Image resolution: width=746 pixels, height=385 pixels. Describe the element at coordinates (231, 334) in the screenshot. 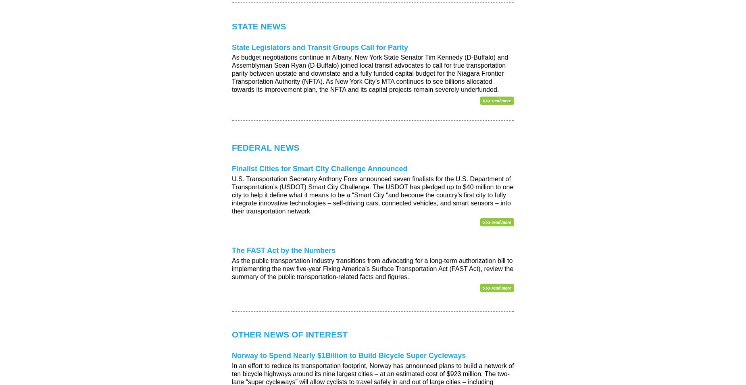

I see `'OTHER NEWS OF INTEREST'` at that location.